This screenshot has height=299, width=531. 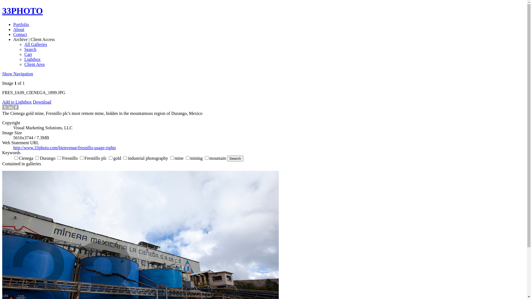 I want to click on 'Add to Lightbox', so click(x=2, y=102).